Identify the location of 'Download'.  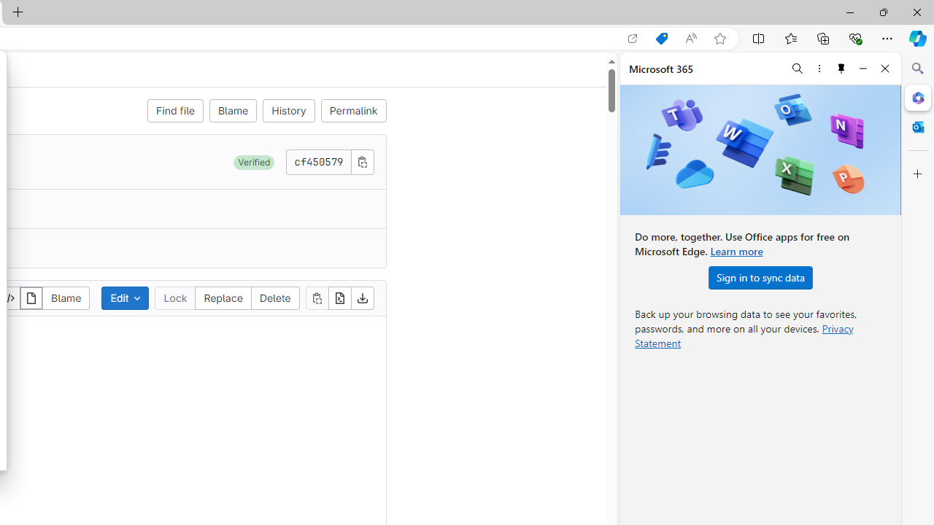
(362, 297).